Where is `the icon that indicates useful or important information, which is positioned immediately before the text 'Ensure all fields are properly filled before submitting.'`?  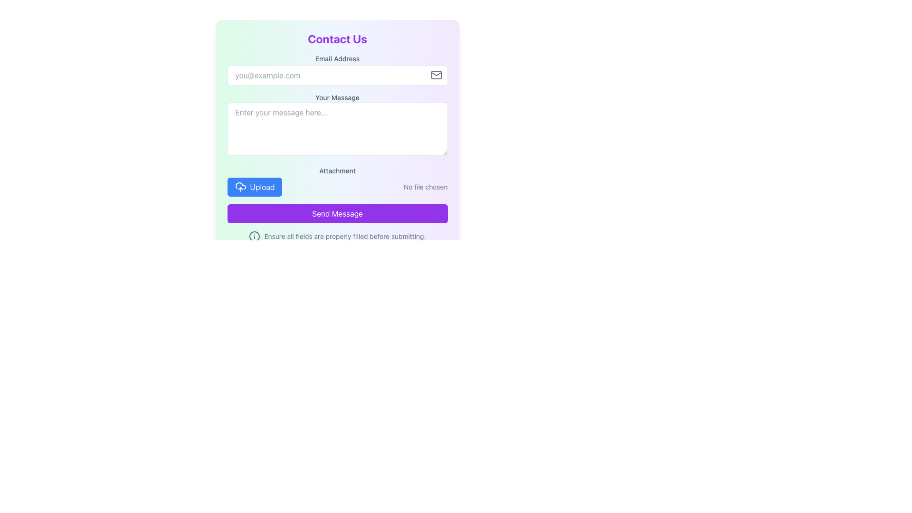
the icon that indicates useful or important information, which is positioned immediately before the text 'Ensure all fields are properly filled before submitting.' is located at coordinates (255, 236).